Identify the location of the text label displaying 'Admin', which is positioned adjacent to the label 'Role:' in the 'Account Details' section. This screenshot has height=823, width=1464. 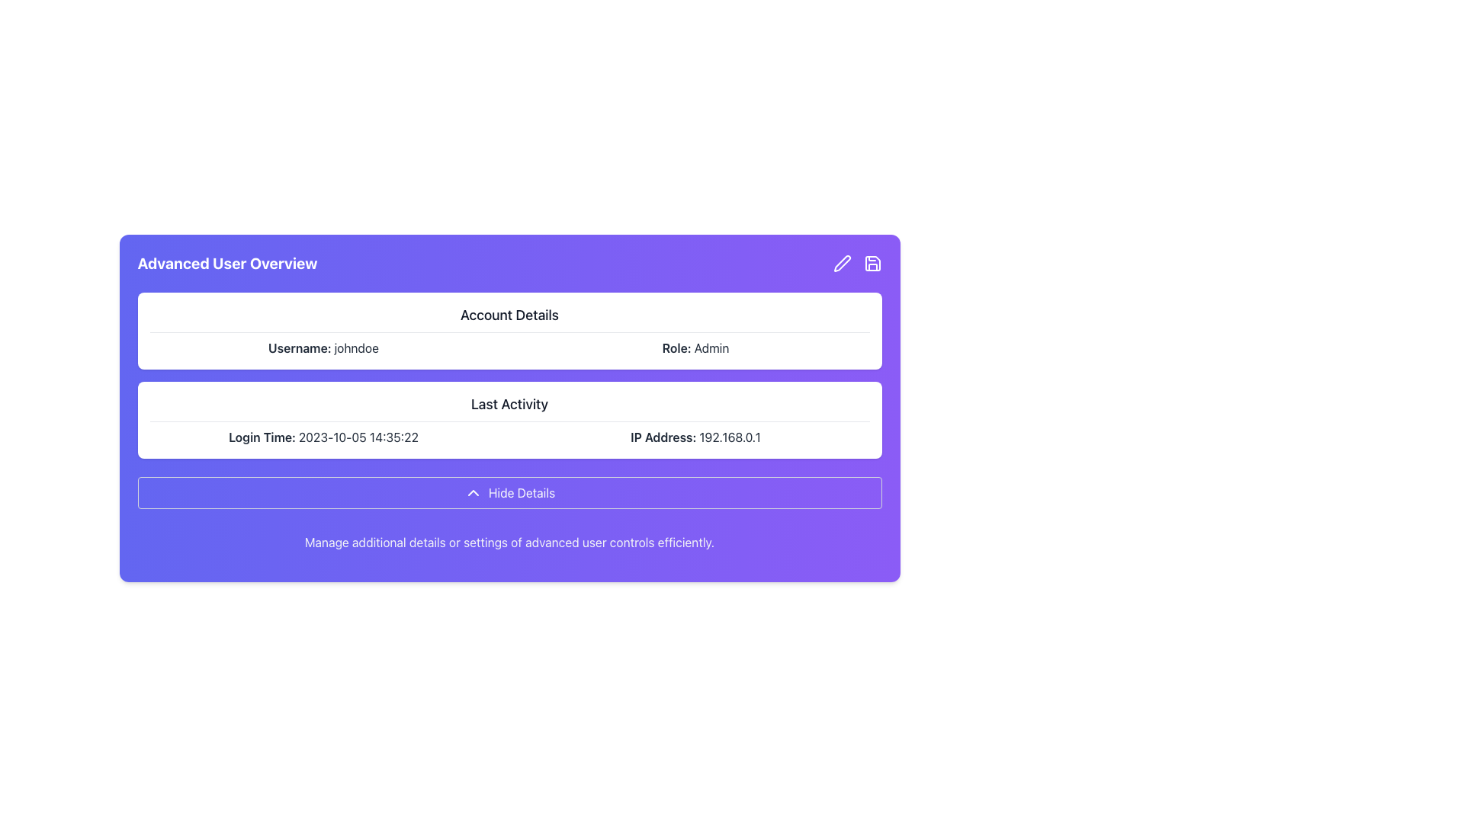
(711, 347).